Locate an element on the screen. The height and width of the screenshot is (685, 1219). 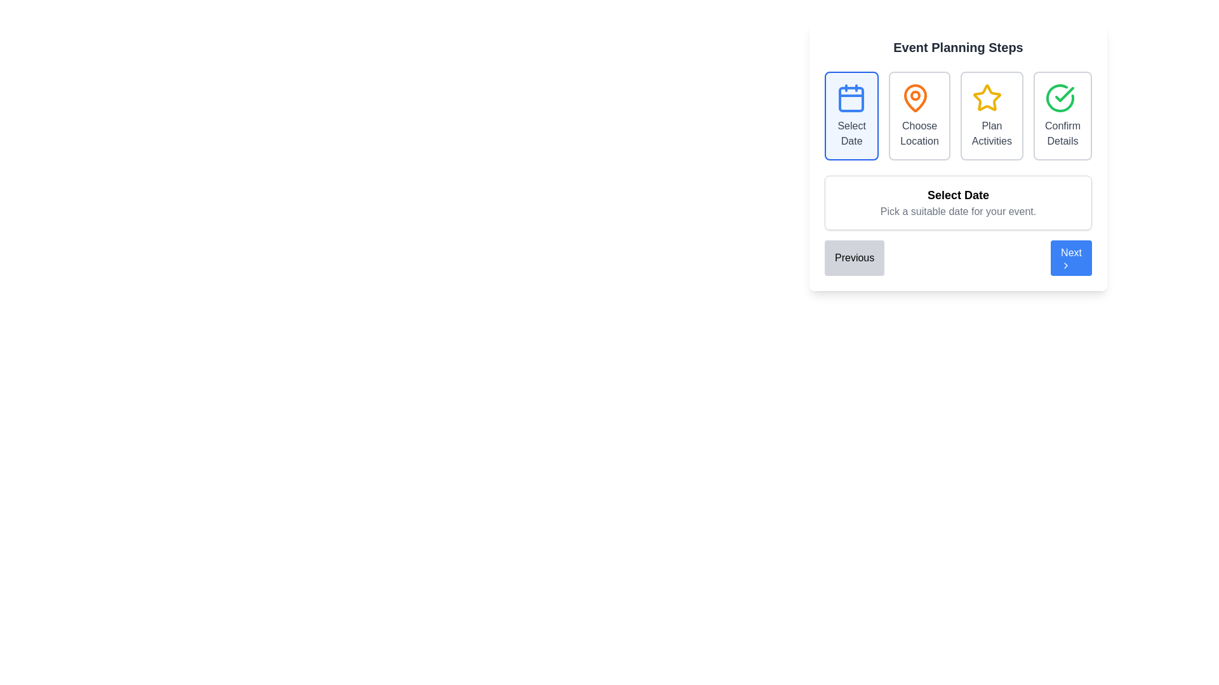
Informational Card featuring a yellow star icon and 'Plan Activities' text, which is the third card in a horizontal list of four cards is located at coordinates (991, 115).